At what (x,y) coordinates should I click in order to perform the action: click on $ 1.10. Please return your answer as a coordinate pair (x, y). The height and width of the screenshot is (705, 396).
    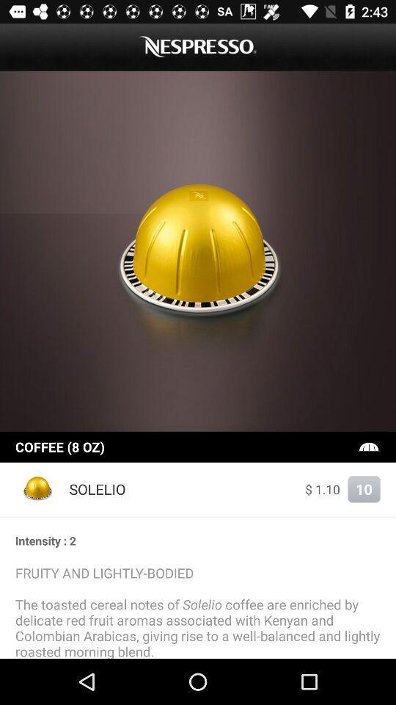
    Looking at the image, I should click on (323, 489).